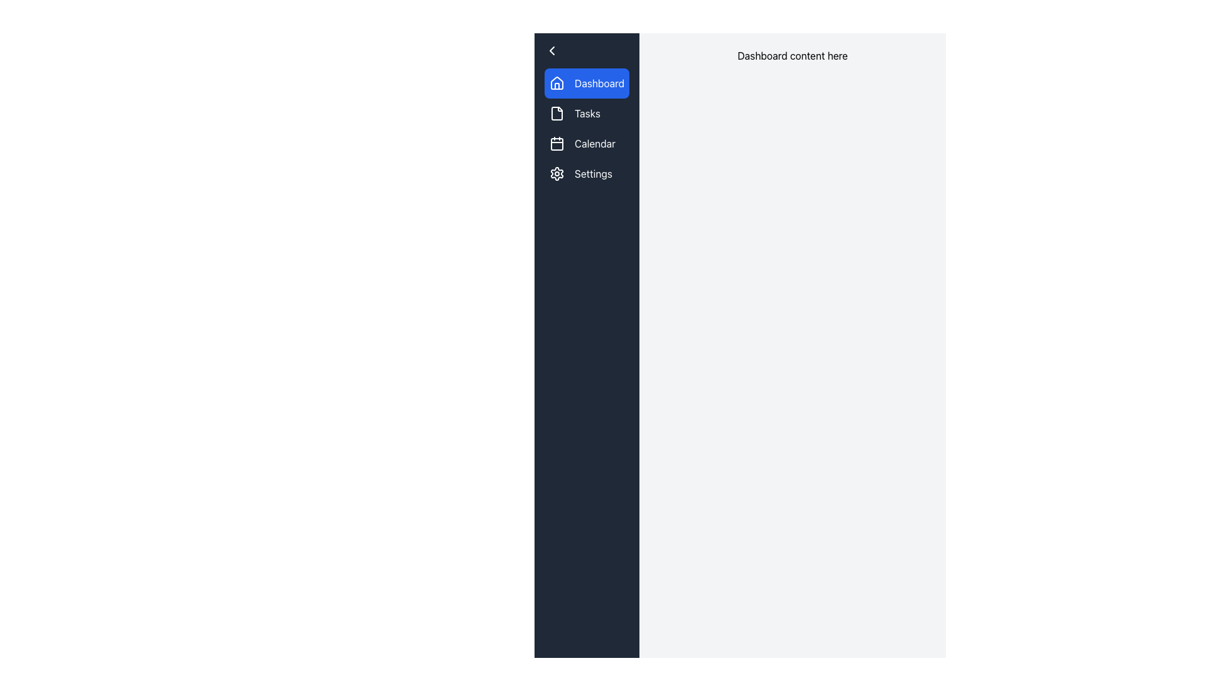  I want to click on the 'Tasks' text label, so click(587, 114).